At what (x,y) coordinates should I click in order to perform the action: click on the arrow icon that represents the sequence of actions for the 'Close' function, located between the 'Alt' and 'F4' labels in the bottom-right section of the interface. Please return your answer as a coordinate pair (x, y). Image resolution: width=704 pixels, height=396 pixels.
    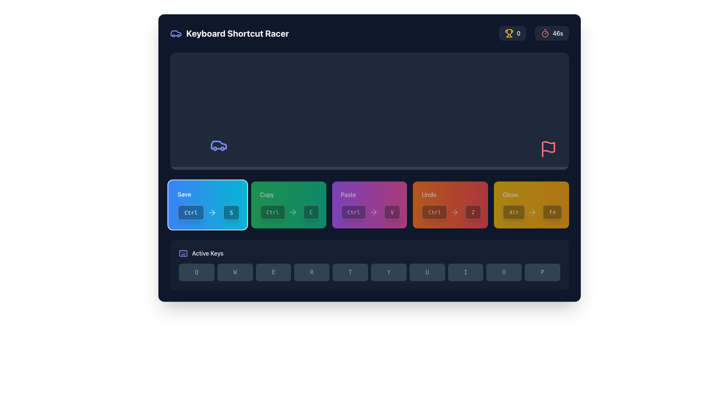
    Looking at the image, I should click on (532, 212).